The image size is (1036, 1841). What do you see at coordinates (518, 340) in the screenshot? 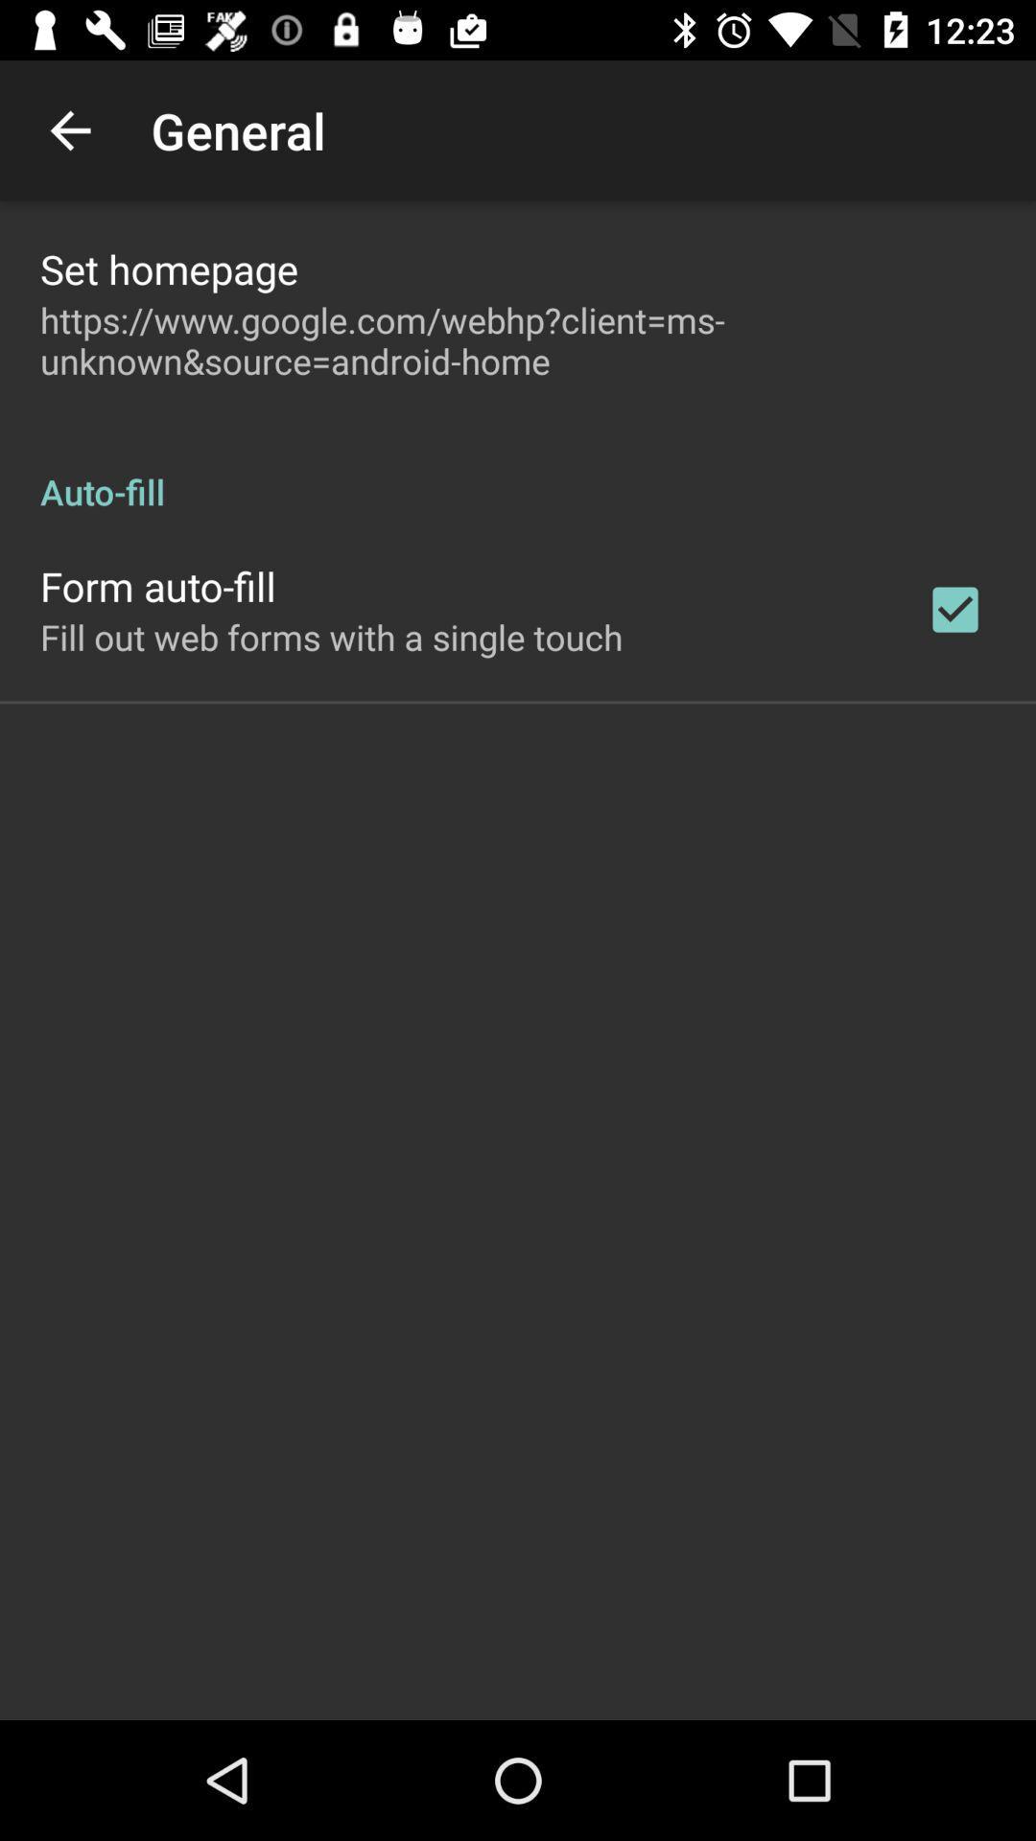
I see `the https www google icon` at bounding box center [518, 340].